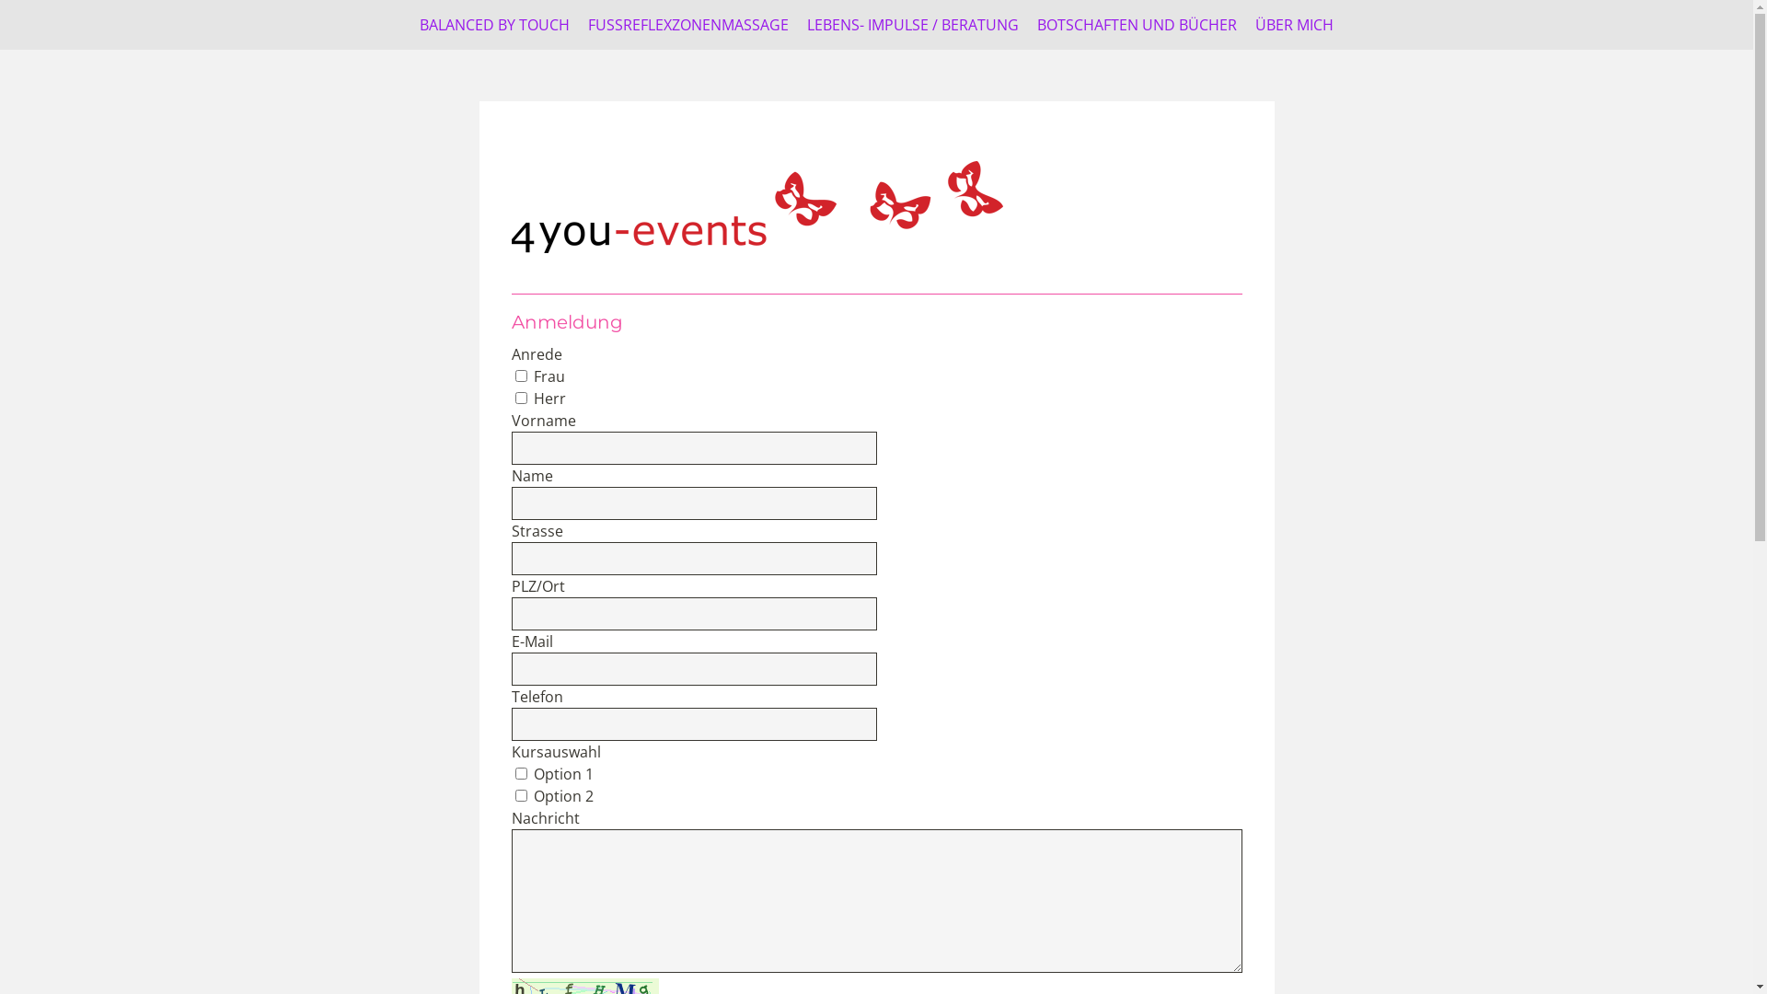 The height and width of the screenshot is (994, 1767). I want to click on 'LEBENS- IMPULSE / BERATUNG', so click(913, 25).